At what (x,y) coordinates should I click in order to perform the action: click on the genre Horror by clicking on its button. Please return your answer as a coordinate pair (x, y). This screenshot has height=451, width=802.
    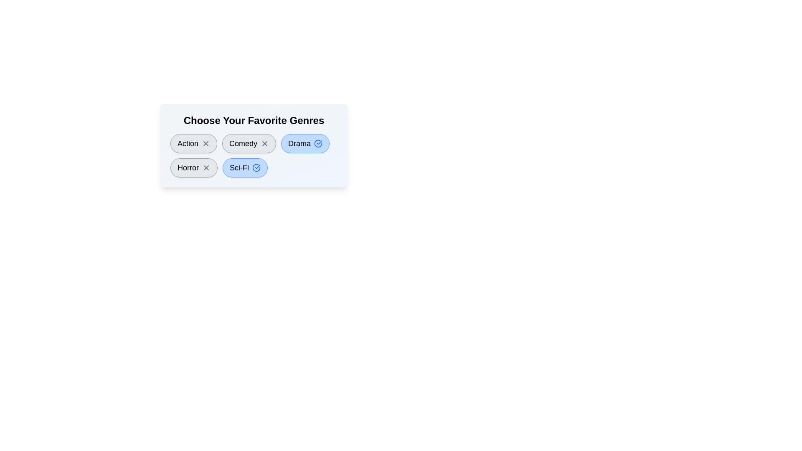
    Looking at the image, I should click on (193, 167).